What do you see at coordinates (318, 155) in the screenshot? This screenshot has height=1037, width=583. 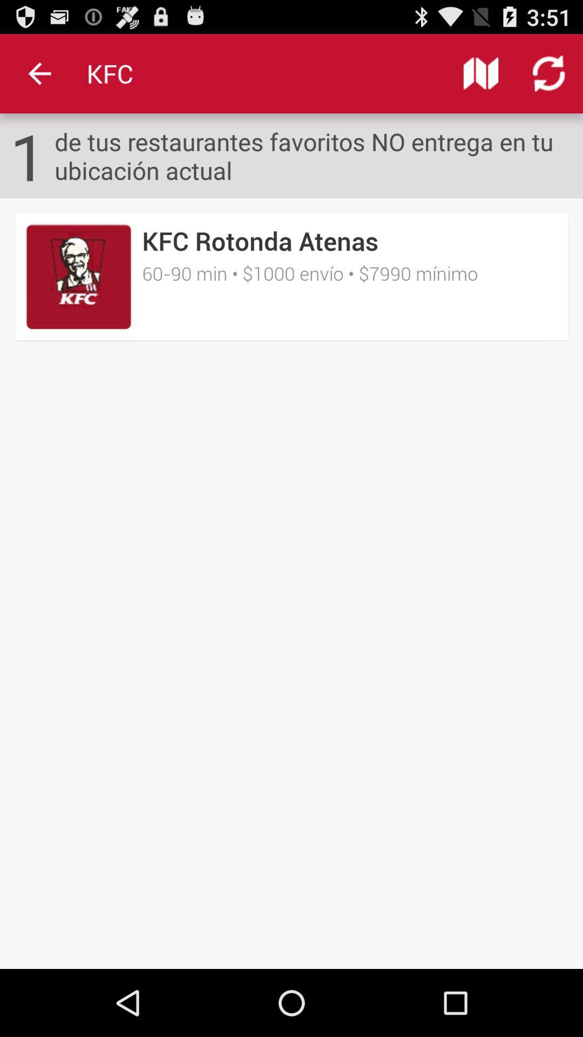 I see `the de tus restaurantes item` at bounding box center [318, 155].